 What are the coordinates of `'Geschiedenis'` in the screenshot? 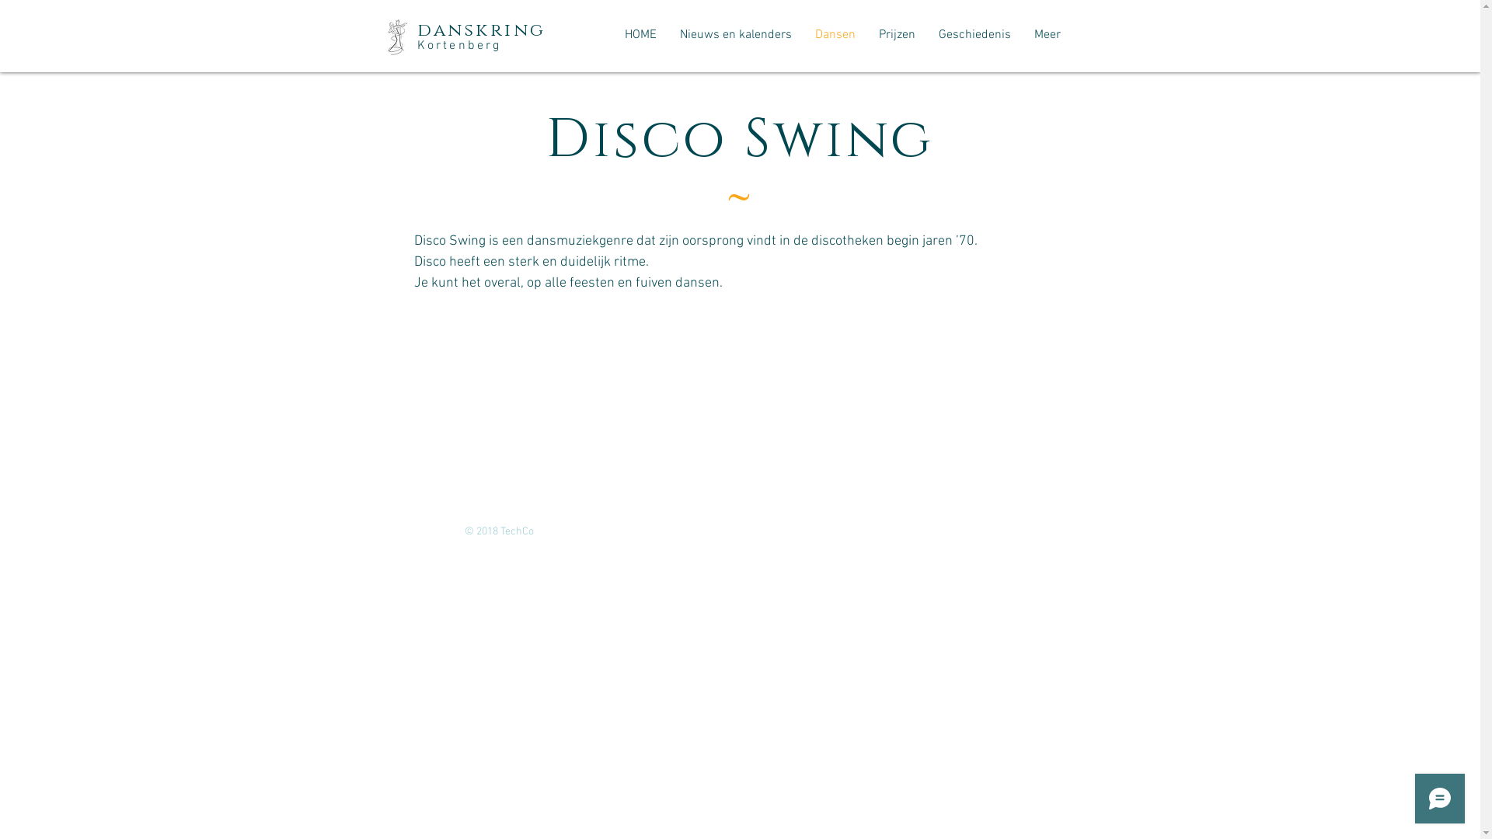 It's located at (973, 35).